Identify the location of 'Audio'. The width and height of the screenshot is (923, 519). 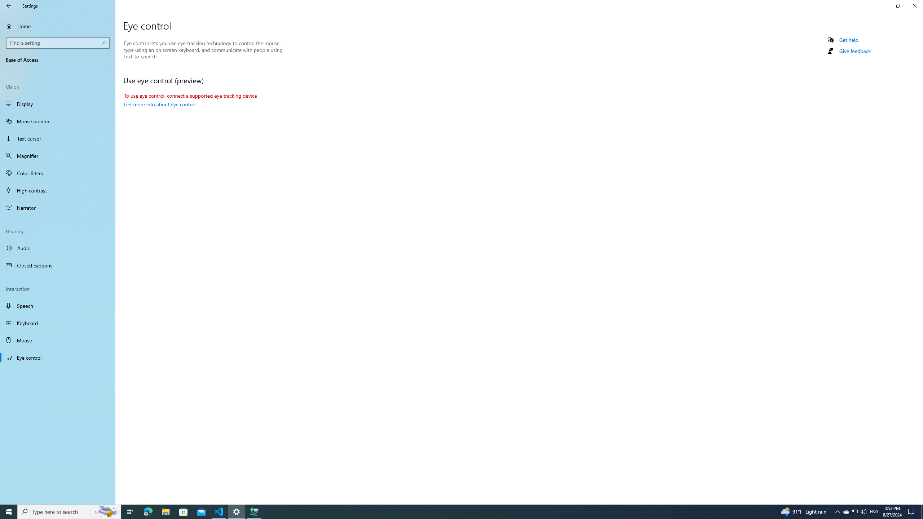
(57, 247).